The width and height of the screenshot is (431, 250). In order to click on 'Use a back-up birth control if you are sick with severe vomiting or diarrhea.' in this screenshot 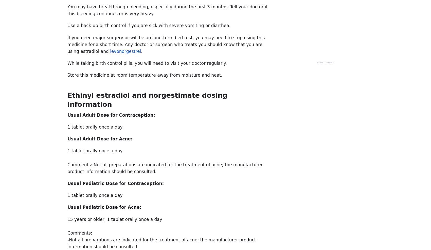, I will do `click(149, 25)`.